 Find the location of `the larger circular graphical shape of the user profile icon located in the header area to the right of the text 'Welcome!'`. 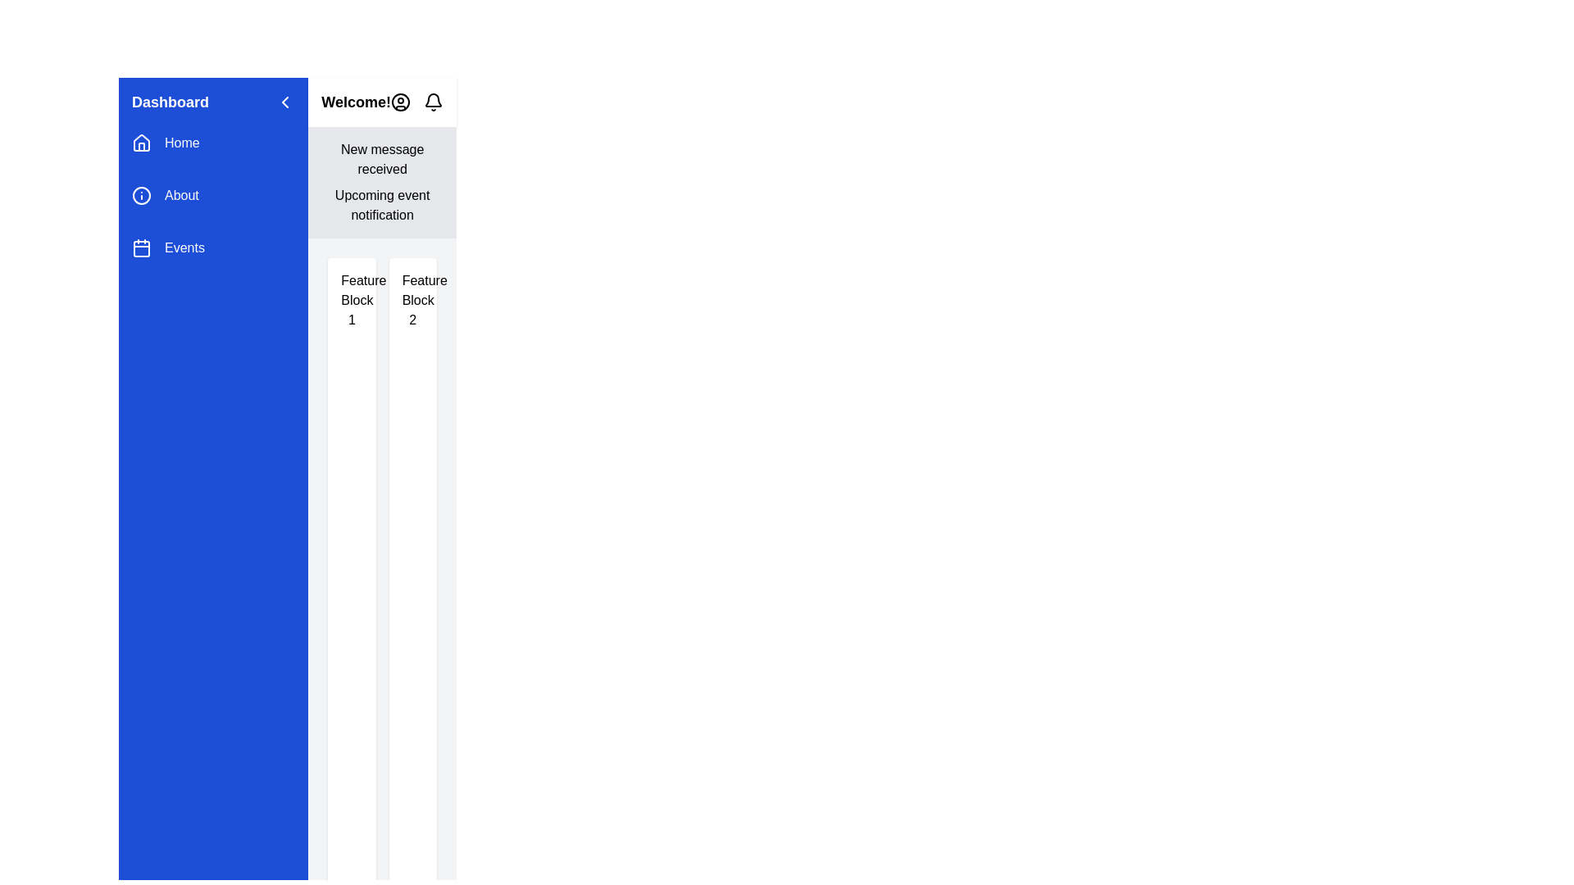

the larger circular graphical shape of the user profile icon located in the header area to the right of the text 'Welcome!' is located at coordinates (401, 102).